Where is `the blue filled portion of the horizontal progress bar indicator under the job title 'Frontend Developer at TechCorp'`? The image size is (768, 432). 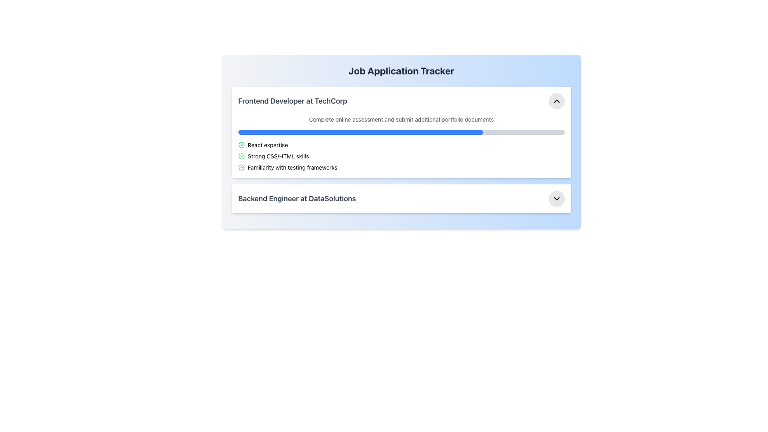 the blue filled portion of the horizontal progress bar indicator under the job title 'Frontend Developer at TechCorp' is located at coordinates (360, 132).